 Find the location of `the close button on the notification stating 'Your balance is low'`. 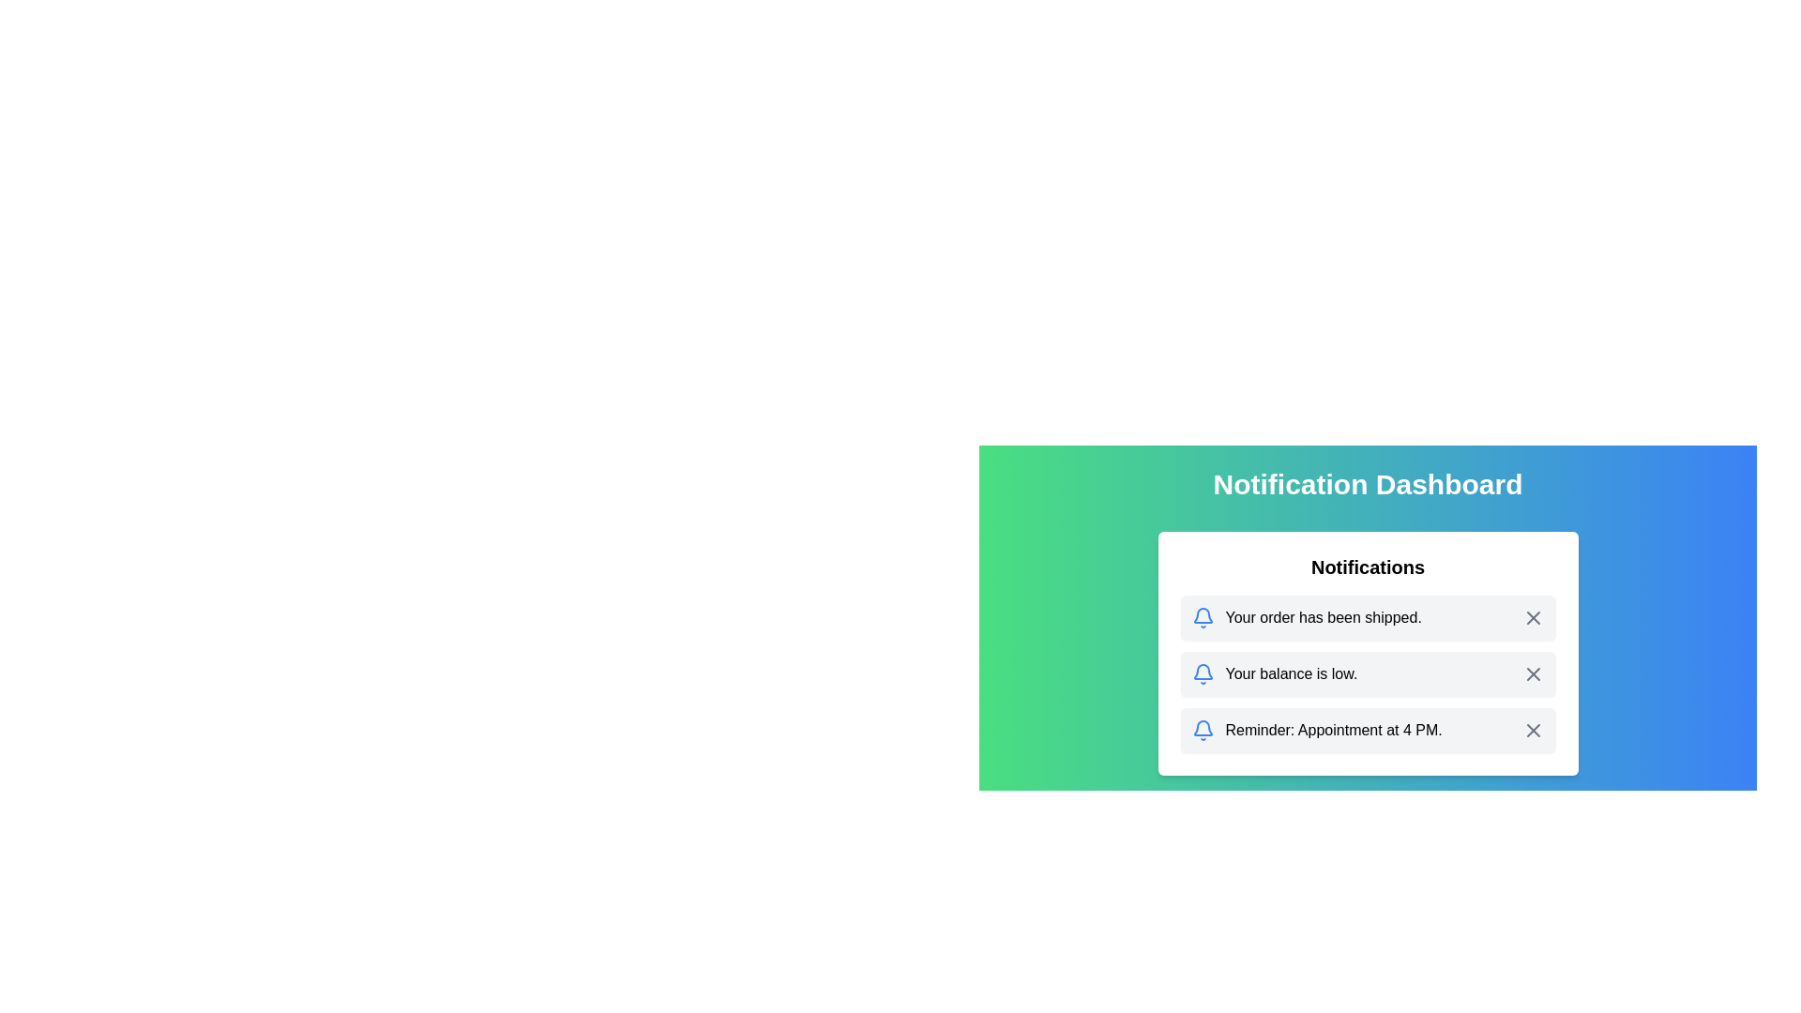

the close button on the notification stating 'Your balance is low' is located at coordinates (1533, 673).